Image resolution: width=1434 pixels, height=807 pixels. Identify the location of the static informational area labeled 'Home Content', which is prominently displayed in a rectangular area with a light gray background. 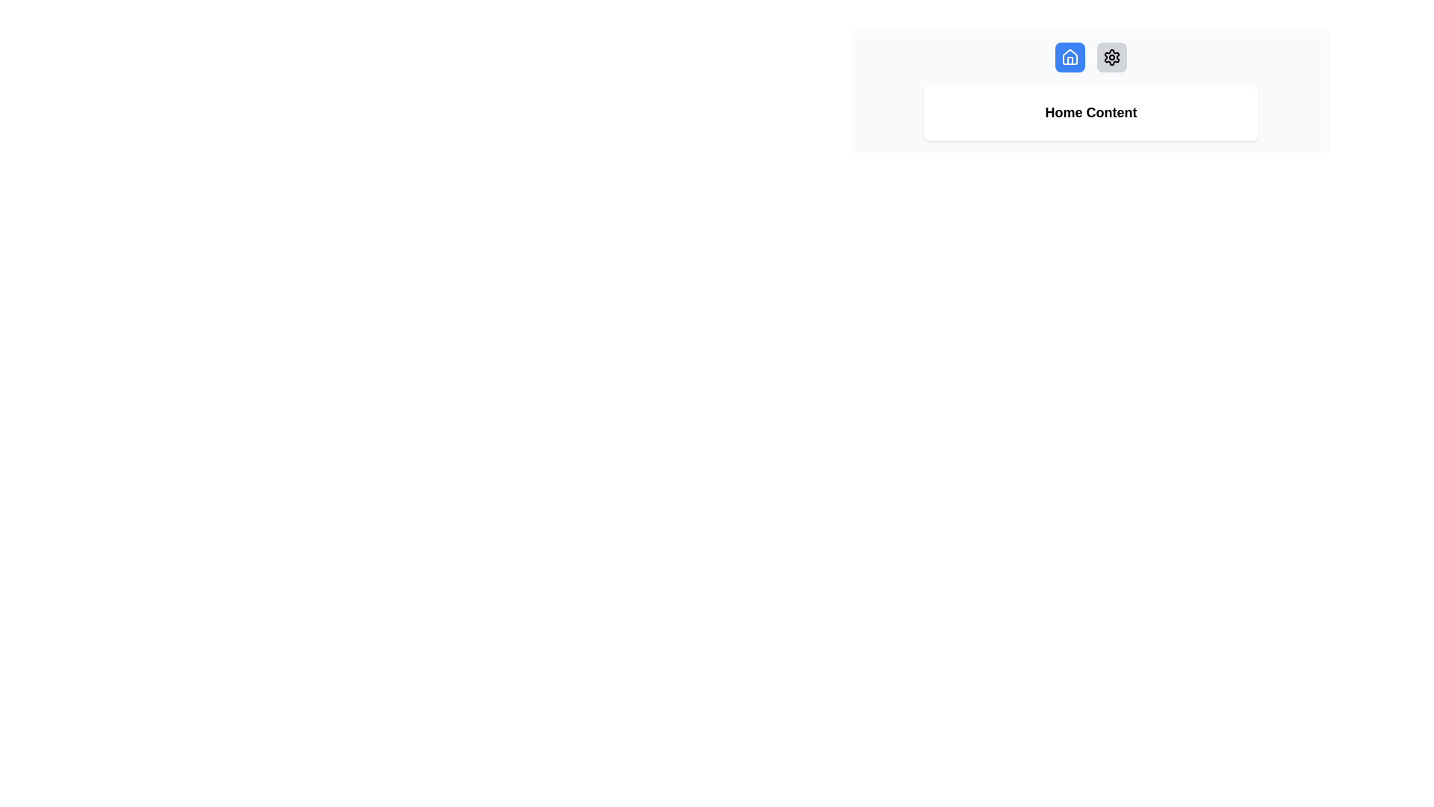
(1090, 92).